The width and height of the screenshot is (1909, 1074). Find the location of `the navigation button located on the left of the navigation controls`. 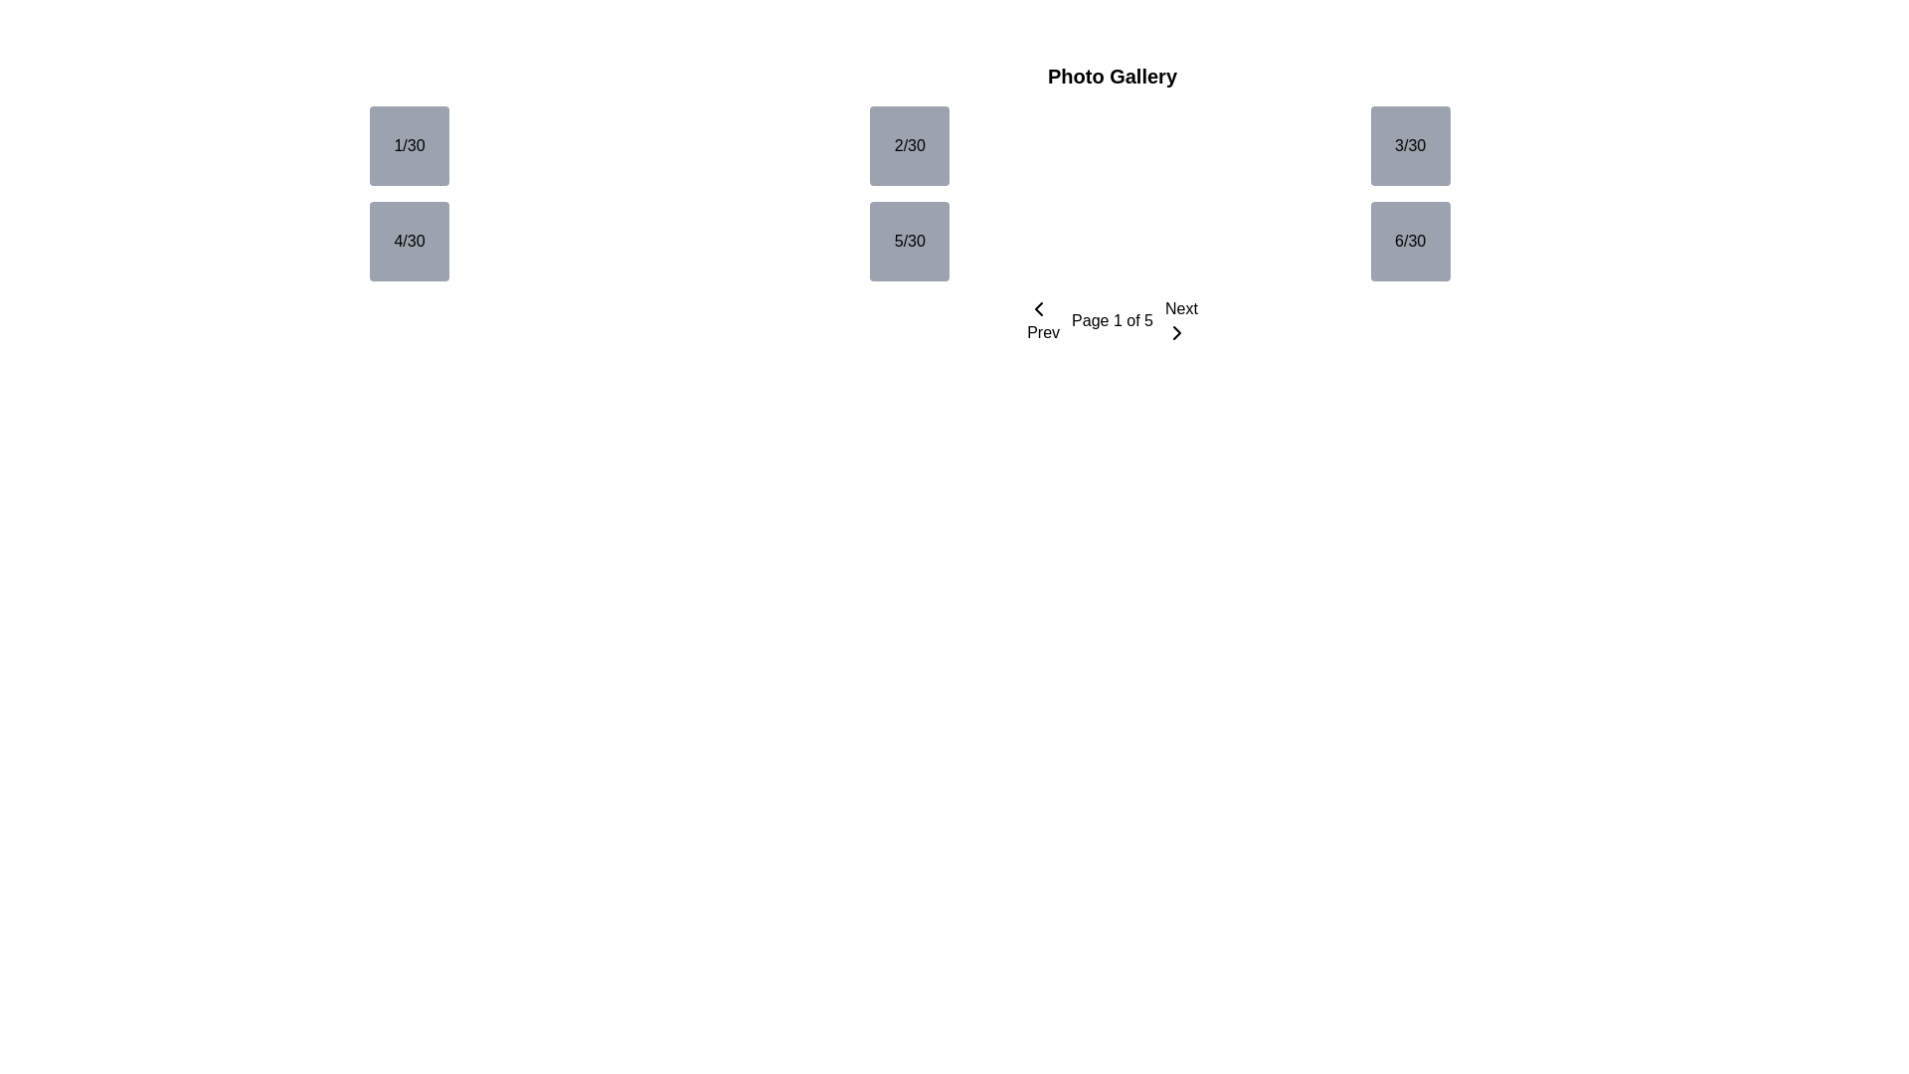

the navigation button located on the left of the navigation controls is located at coordinates (1042, 320).